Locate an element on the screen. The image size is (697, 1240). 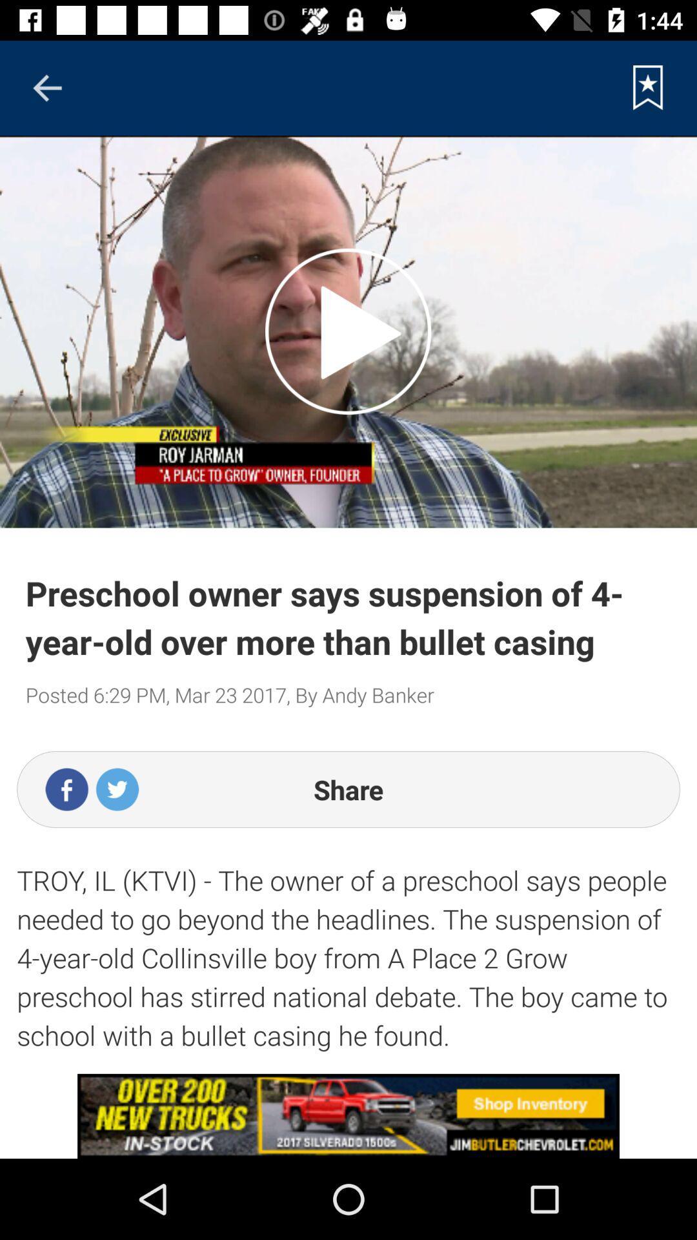
play is located at coordinates (347, 331).